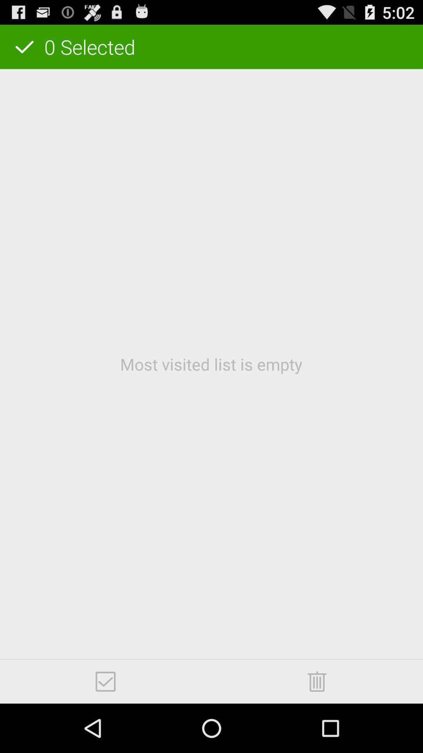  Describe the element at coordinates (316, 729) in the screenshot. I see `the delete icon` at that location.